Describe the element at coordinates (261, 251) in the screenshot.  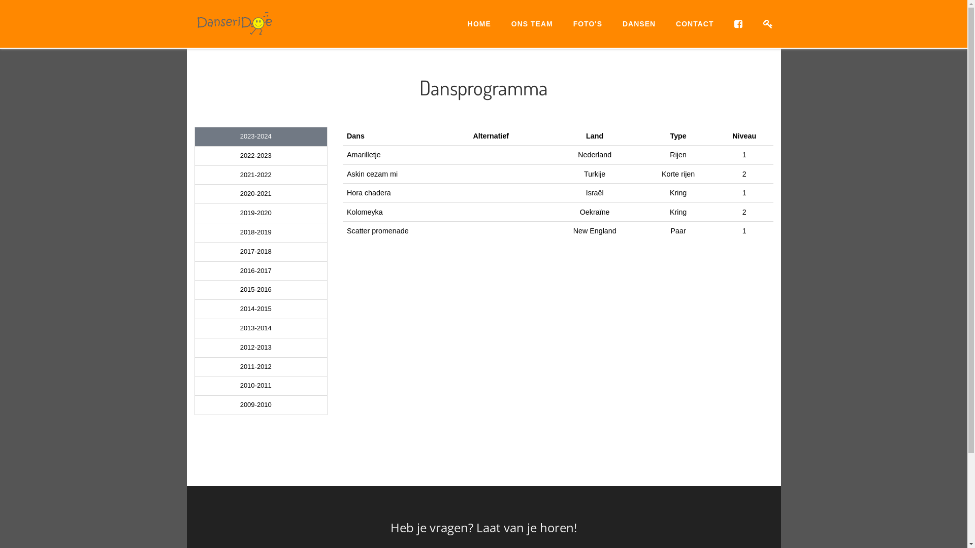
I see `'2017-2018'` at that location.